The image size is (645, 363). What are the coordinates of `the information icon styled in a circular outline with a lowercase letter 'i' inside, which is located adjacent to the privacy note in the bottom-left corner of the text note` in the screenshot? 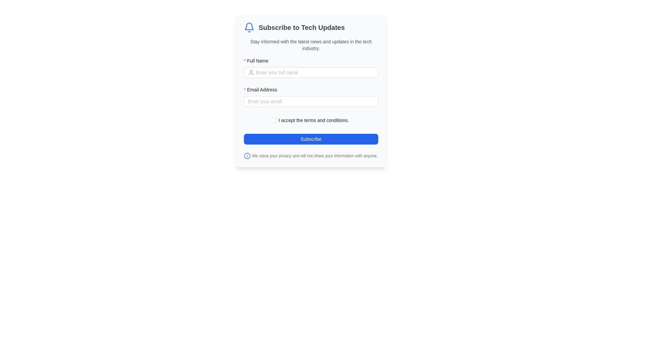 It's located at (247, 156).